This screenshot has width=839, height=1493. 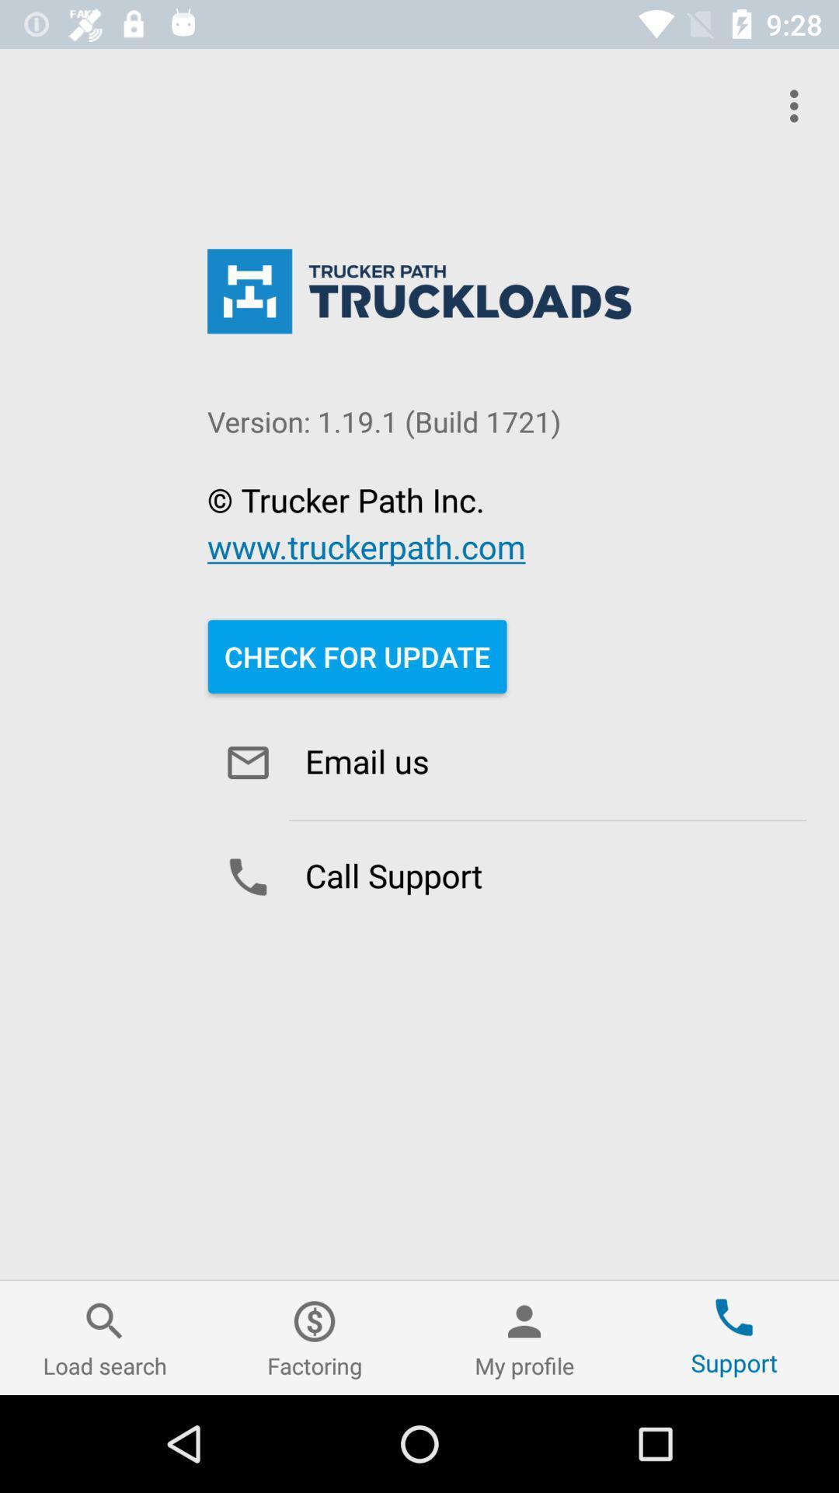 What do you see at coordinates (315, 1337) in the screenshot?
I see `factoring` at bounding box center [315, 1337].